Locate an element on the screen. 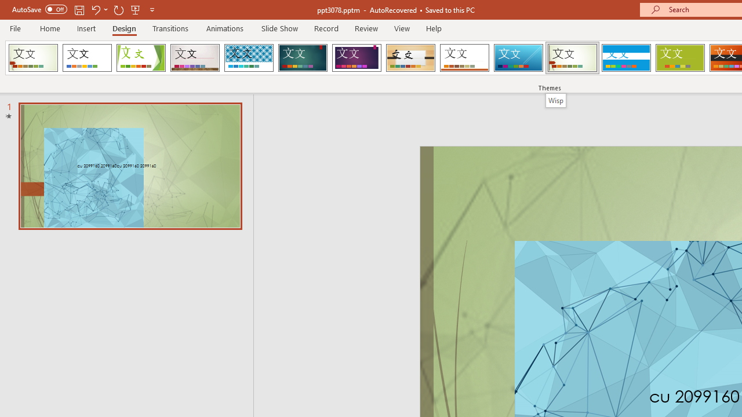 The image size is (742, 417). 'Customize Quick Access Toolbar' is located at coordinates (152, 9).